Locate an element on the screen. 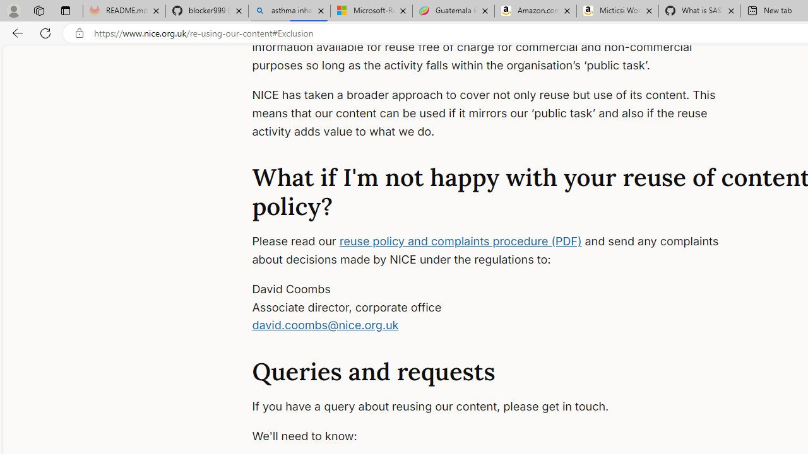  'asthma inhaler - Search' is located at coordinates (288, 11).